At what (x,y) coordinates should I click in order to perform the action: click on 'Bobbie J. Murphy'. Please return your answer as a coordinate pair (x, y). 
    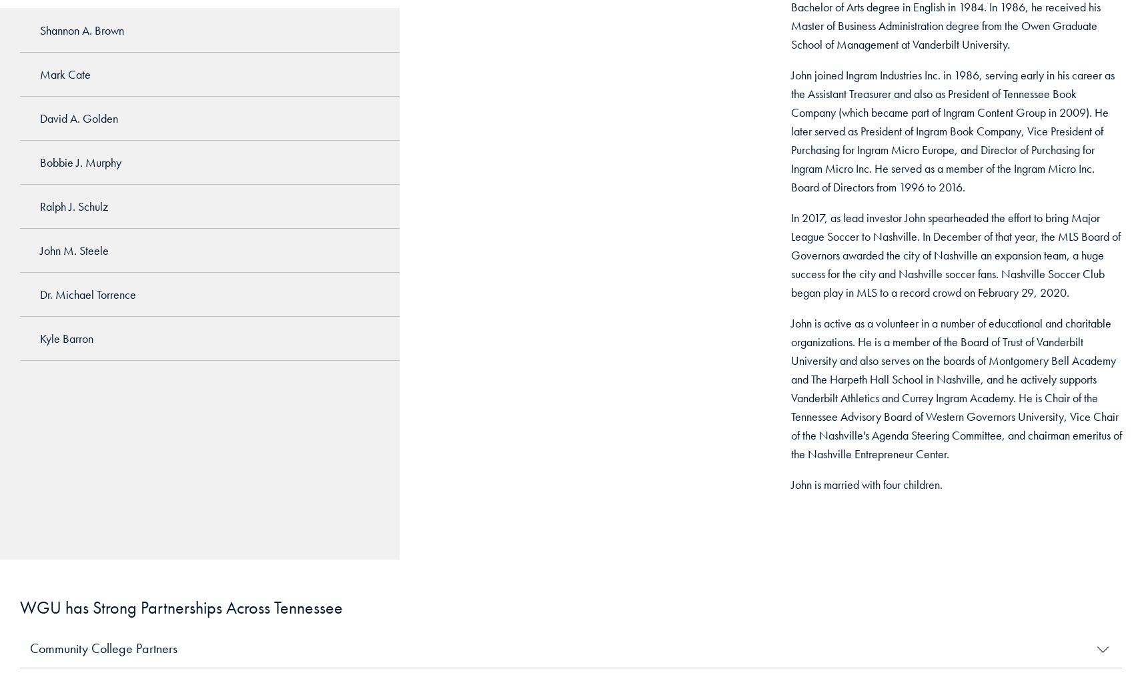
    Looking at the image, I should click on (79, 162).